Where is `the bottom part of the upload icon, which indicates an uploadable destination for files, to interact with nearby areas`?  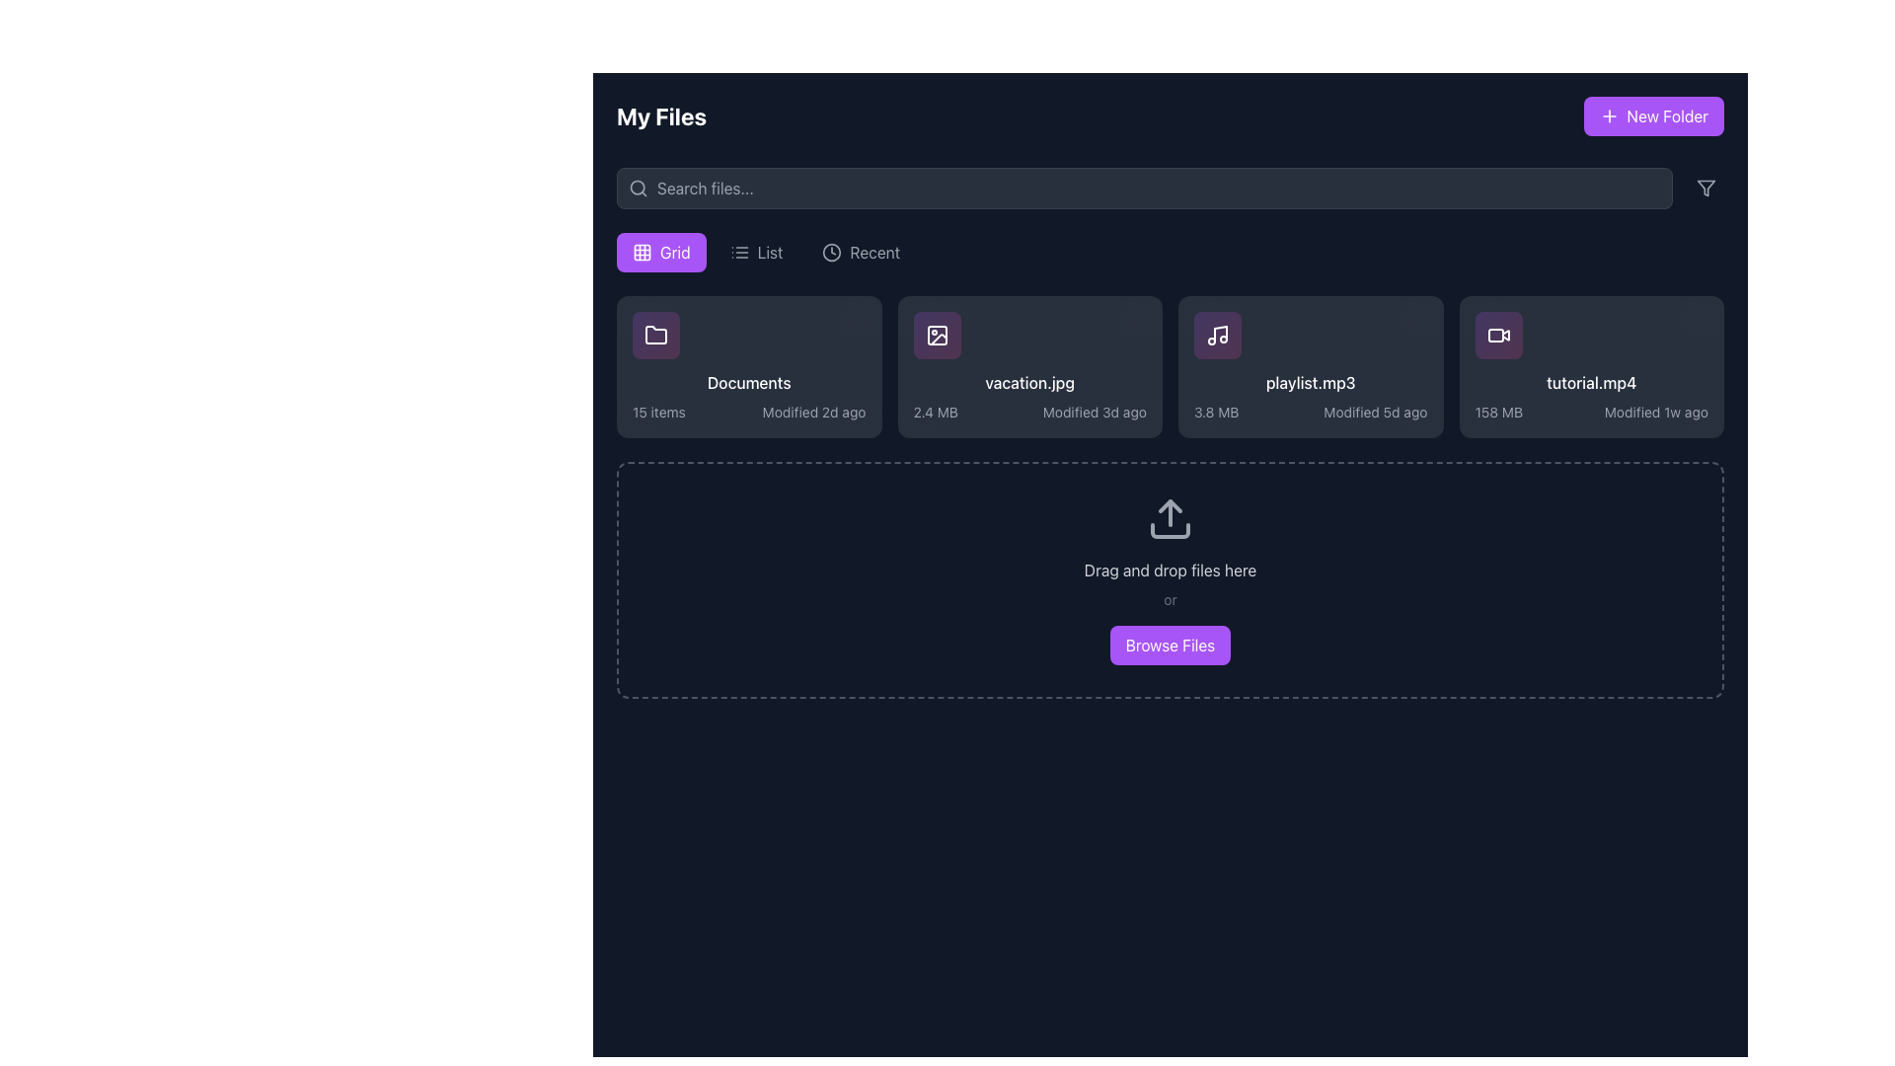
the bottom part of the upload icon, which indicates an uploadable destination for files, to interact with nearby areas is located at coordinates (1170, 529).